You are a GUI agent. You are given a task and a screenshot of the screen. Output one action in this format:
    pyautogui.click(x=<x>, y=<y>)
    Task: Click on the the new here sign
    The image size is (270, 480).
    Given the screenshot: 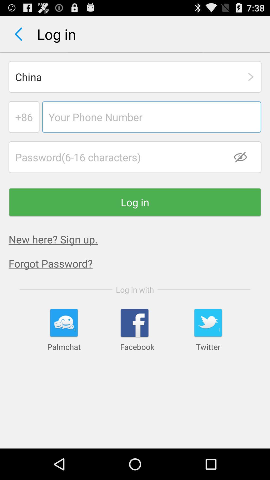 What is the action you would take?
    pyautogui.click(x=53, y=239)
    